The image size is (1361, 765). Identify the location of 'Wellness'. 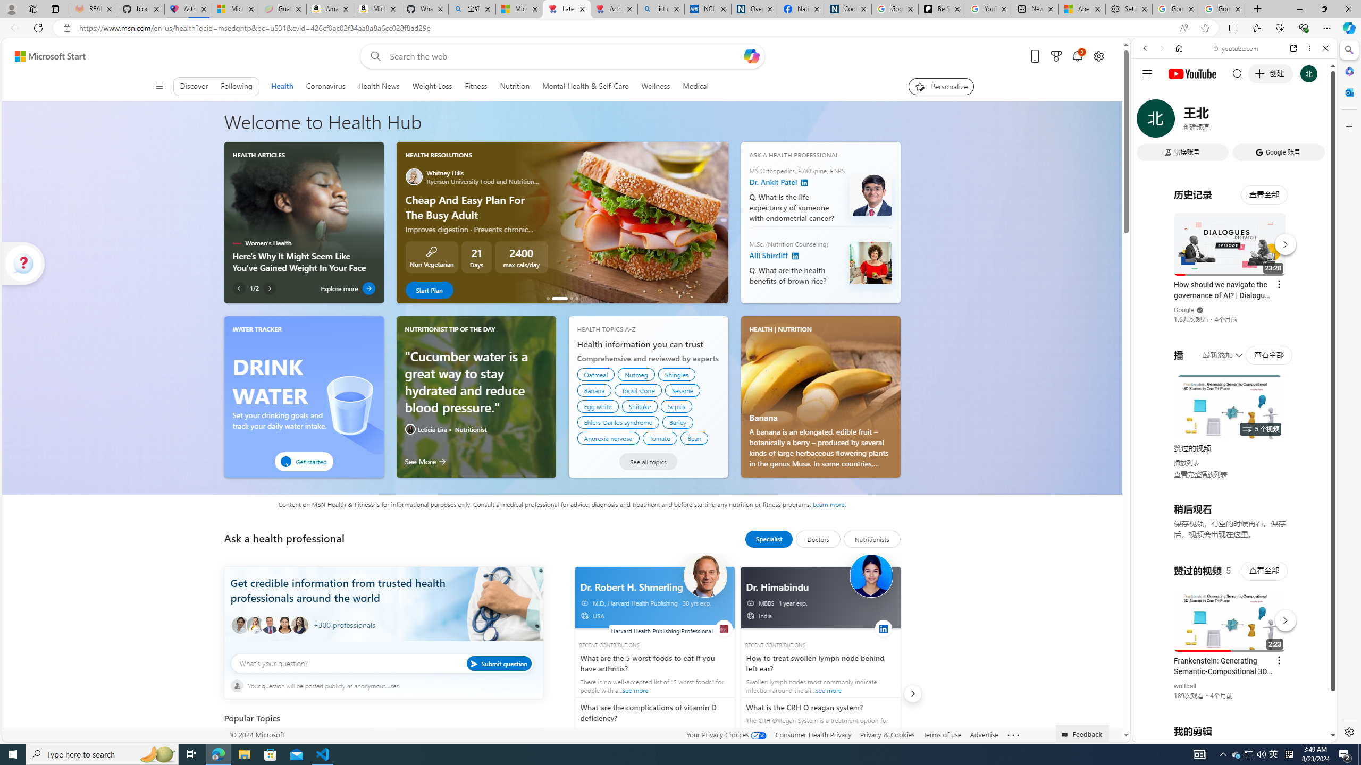
(654, 86).